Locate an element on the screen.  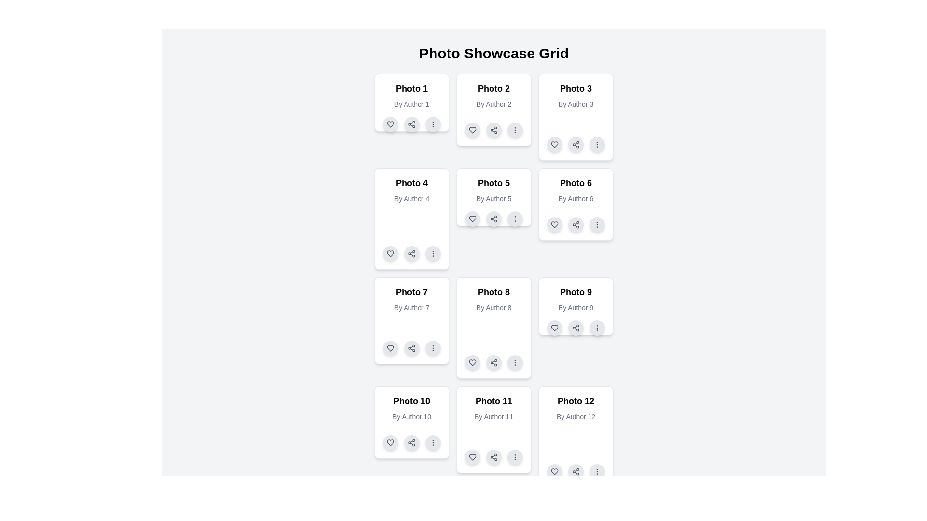
the heart-shaped icon located below the 'Photo 5' description is located at coordinates (473, 219).